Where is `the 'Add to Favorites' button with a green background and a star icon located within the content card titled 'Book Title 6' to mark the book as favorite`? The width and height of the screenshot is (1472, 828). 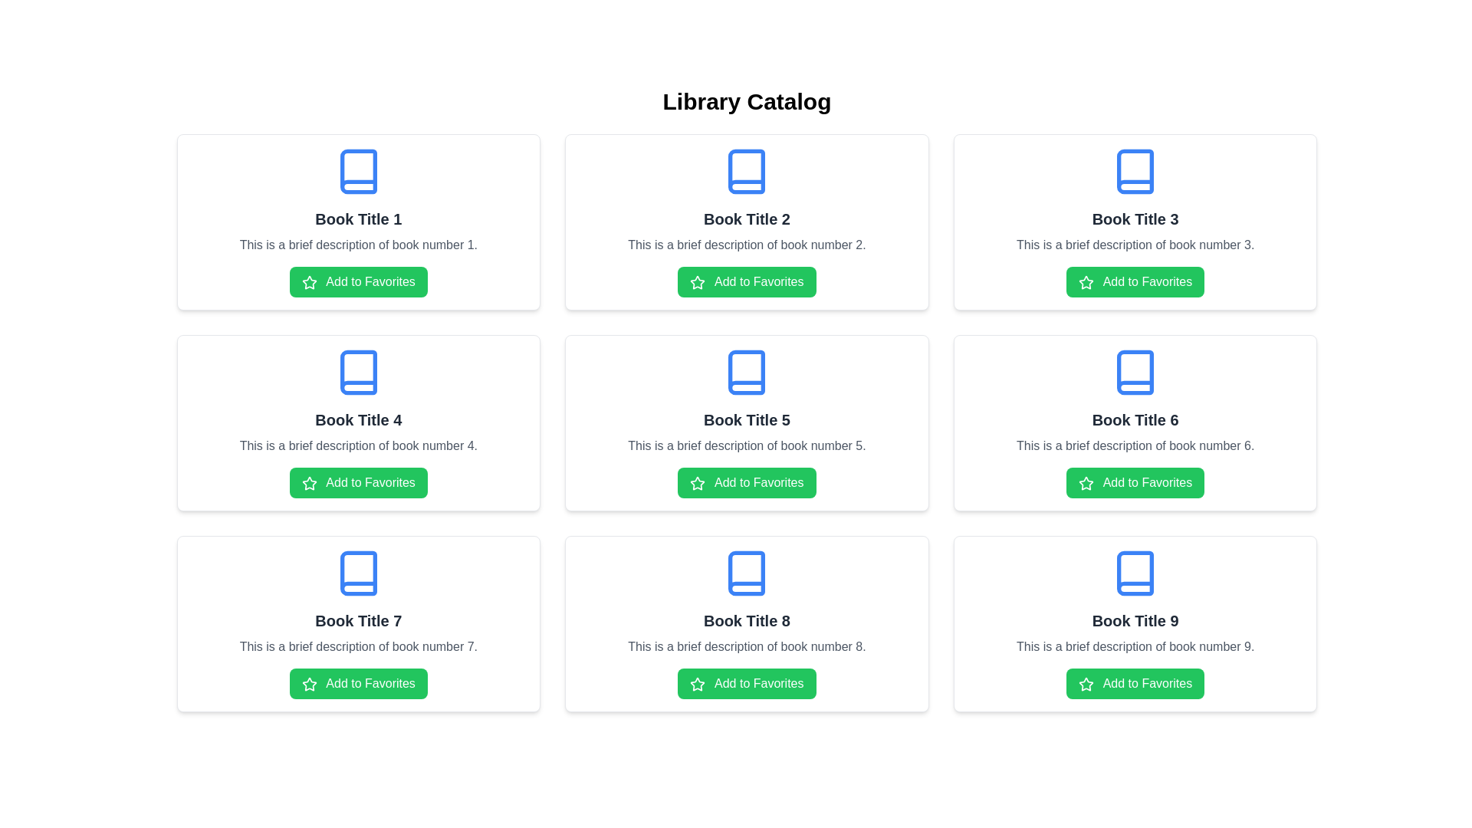 the 'Add to Favorites' button with a green background and a star icon located within the content card titled 'Book Title 6' to mark the book as favorite is located at coordinates (1135, 481).